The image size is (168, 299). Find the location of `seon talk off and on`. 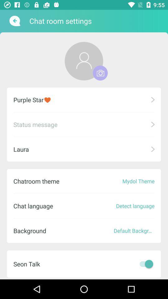

seon talk off and on is located at coordinates (145, 263).